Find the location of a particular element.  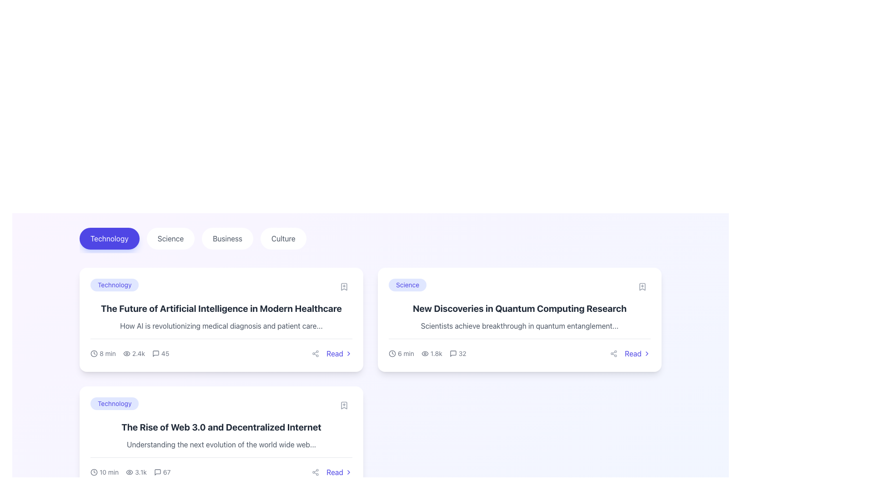

the message count indicator located at the bottom-right corner of the card for the post titled 'New Discoveries in Quantum Computing Research' is located at coordinates (458, 353).